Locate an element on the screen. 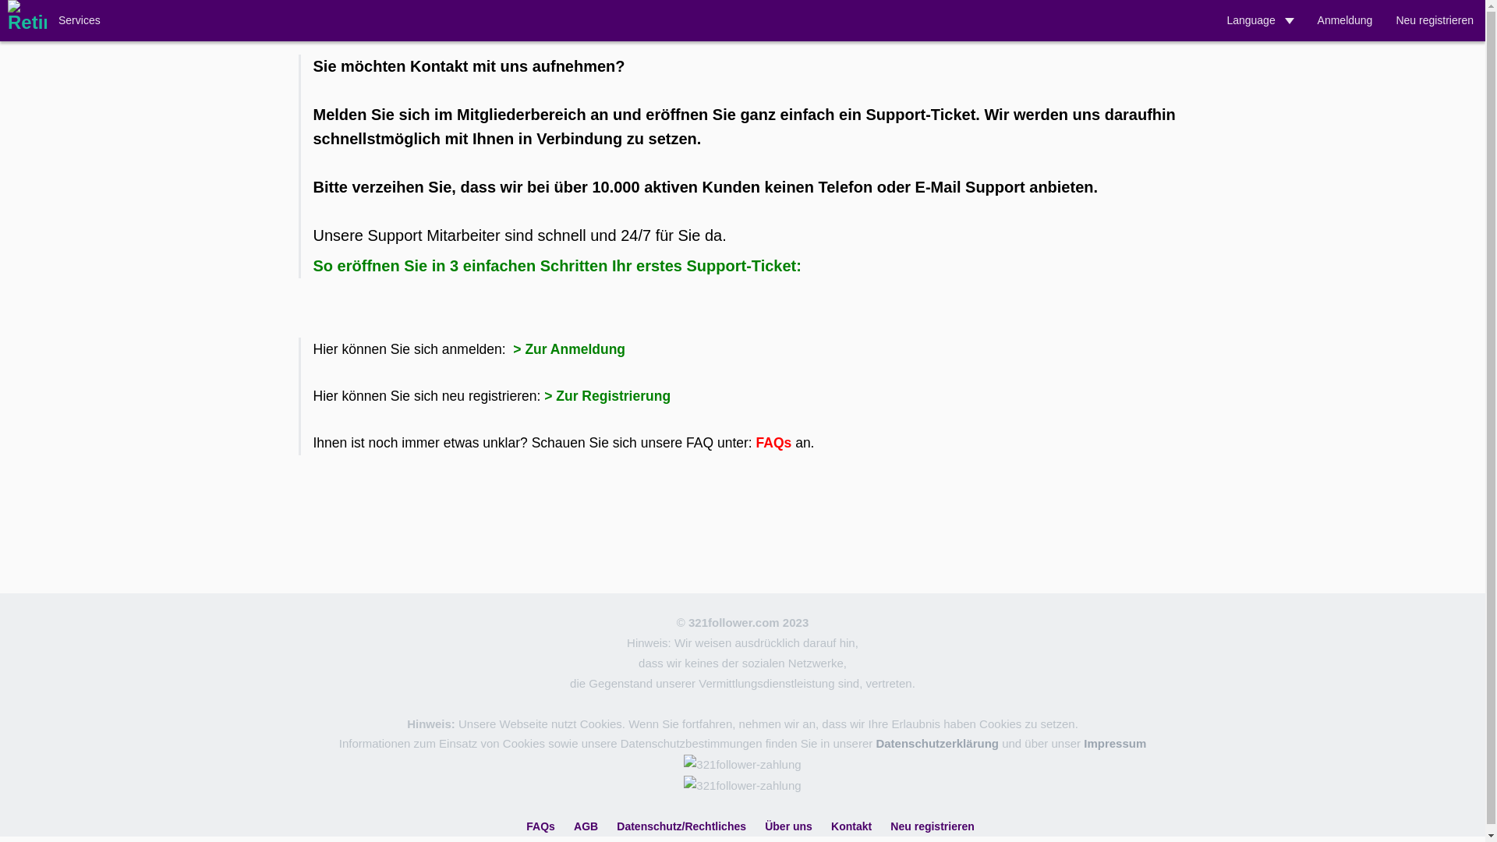 The image size is (1497, 842). 'FAQs' is located at coordinates (756, 442).